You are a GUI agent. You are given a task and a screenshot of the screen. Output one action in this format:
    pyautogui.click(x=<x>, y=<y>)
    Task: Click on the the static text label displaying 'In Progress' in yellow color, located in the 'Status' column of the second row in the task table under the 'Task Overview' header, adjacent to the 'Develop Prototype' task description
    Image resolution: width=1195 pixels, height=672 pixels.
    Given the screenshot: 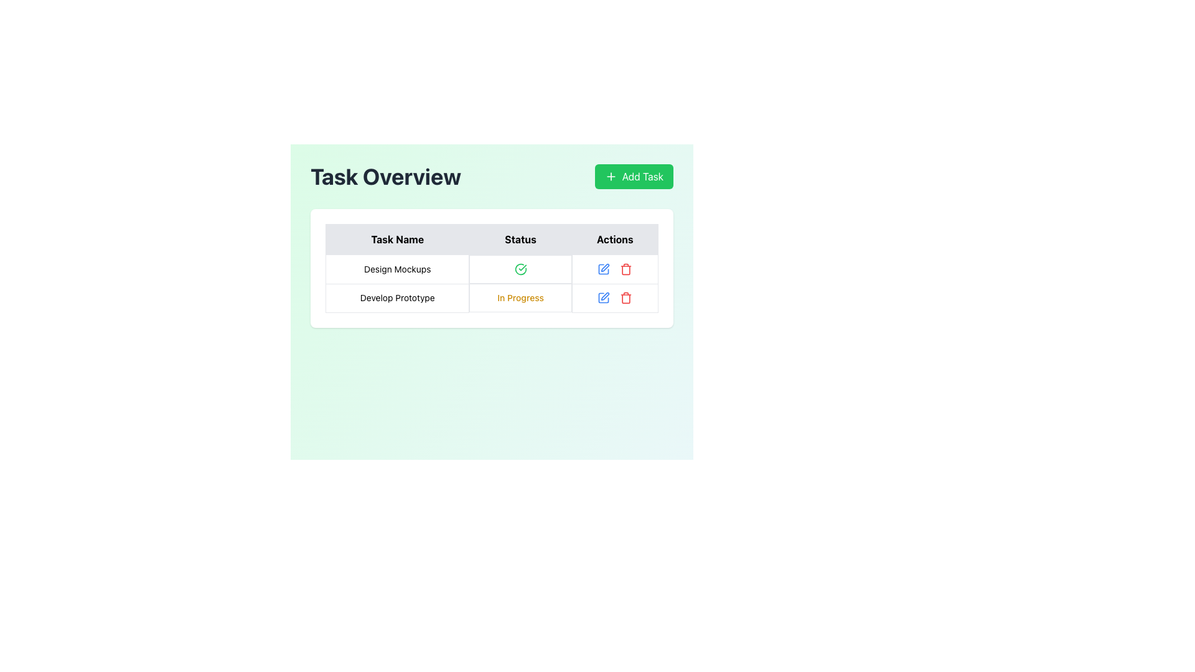 What is the action you would take?
    pyautogui.click(x=520, y=297)
    